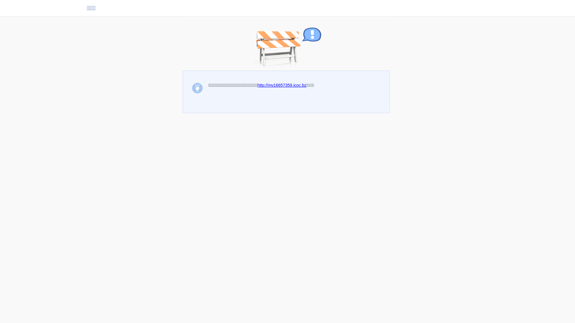 The height and width of the screenshot is (323, 575). I want to click on 'http://mv16657359.icoc.bz', so click(257, 85).